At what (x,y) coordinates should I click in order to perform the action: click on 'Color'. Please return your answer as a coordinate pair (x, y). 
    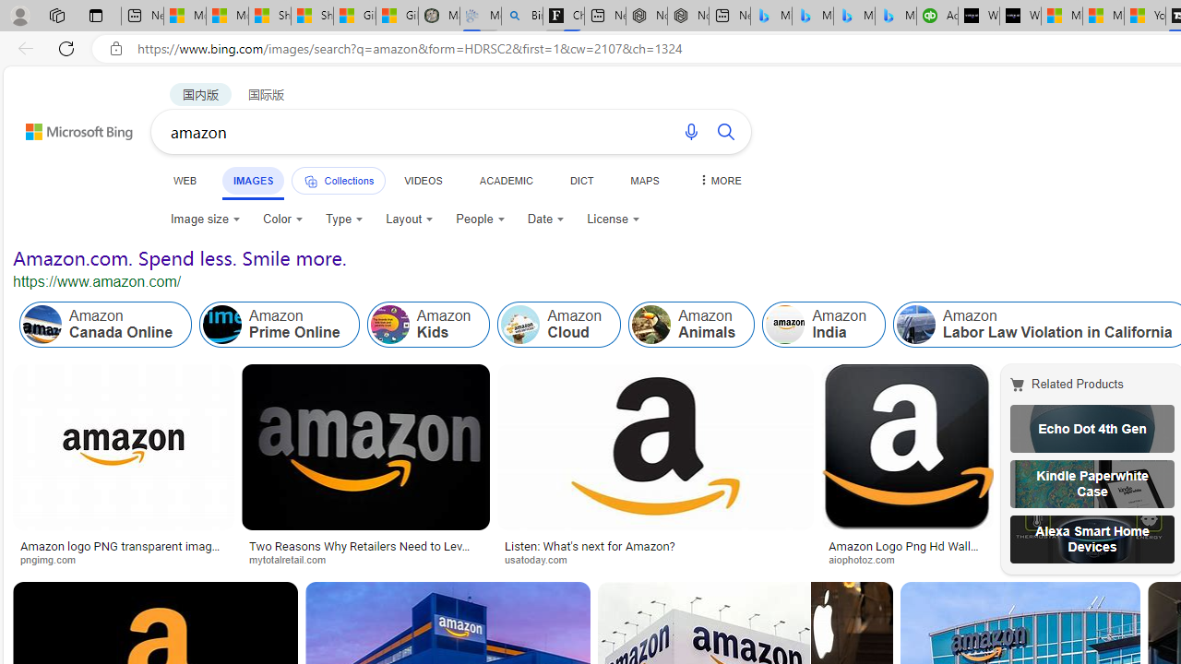
    Looking at the image, I should click on (280, 218).